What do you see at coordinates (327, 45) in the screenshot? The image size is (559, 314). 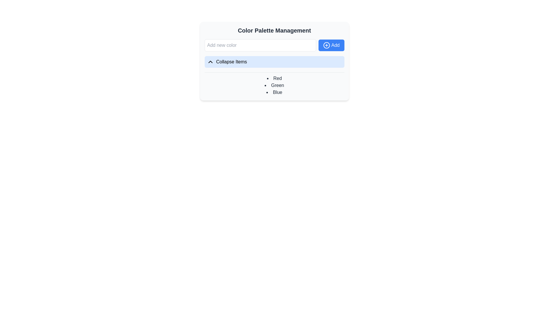 I see `the add button represented by a circular icon located to the right of the text input field in the 'Color Palette Management' section` at bounding box center [327, 45].